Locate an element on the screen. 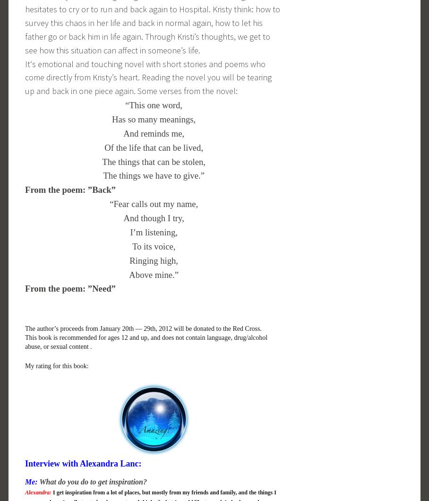 This screenshot has height=501, width=429. 'I’m listening,' is located at coordinates (130, 231).